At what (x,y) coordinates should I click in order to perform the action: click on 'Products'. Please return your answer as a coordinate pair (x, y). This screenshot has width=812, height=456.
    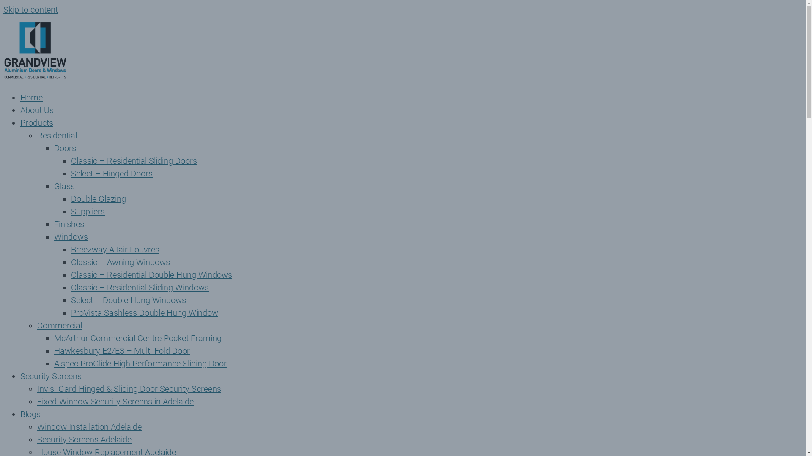
    Looking at the image, I should click on (36, 122).